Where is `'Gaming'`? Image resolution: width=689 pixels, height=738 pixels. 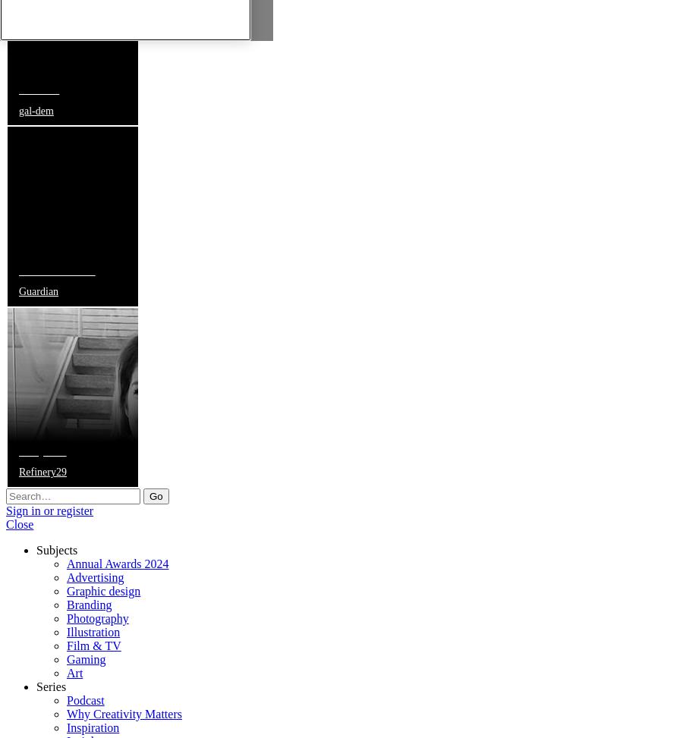 'Gaming' is located at coordinates (65, 658).